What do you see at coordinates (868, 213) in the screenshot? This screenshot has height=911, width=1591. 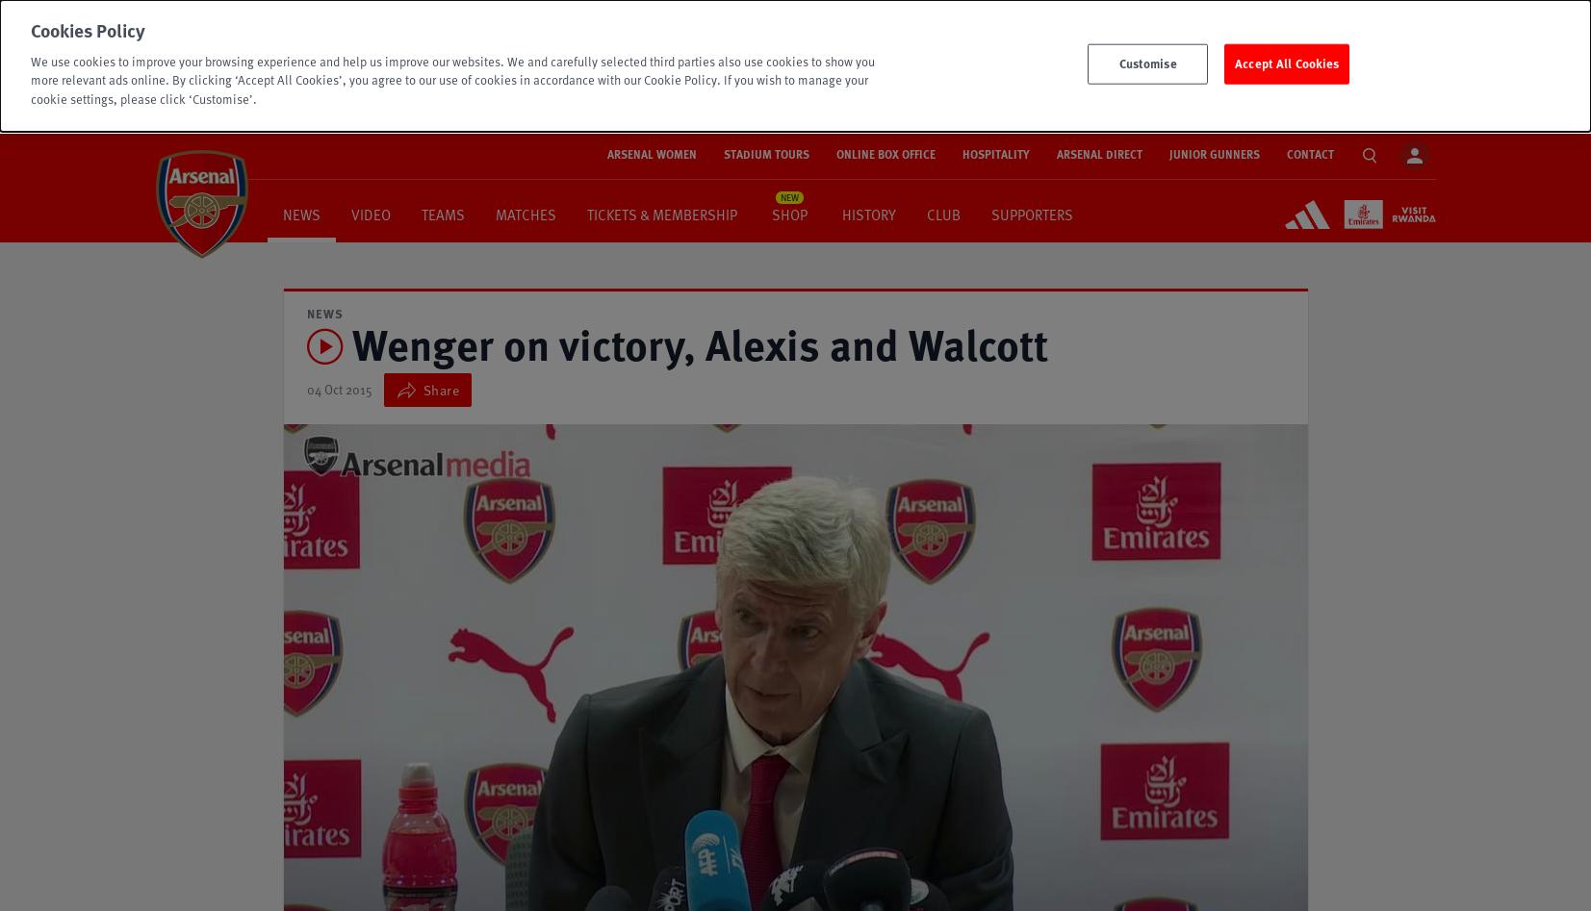 I see `'History'` at bounding box center [868, 213].